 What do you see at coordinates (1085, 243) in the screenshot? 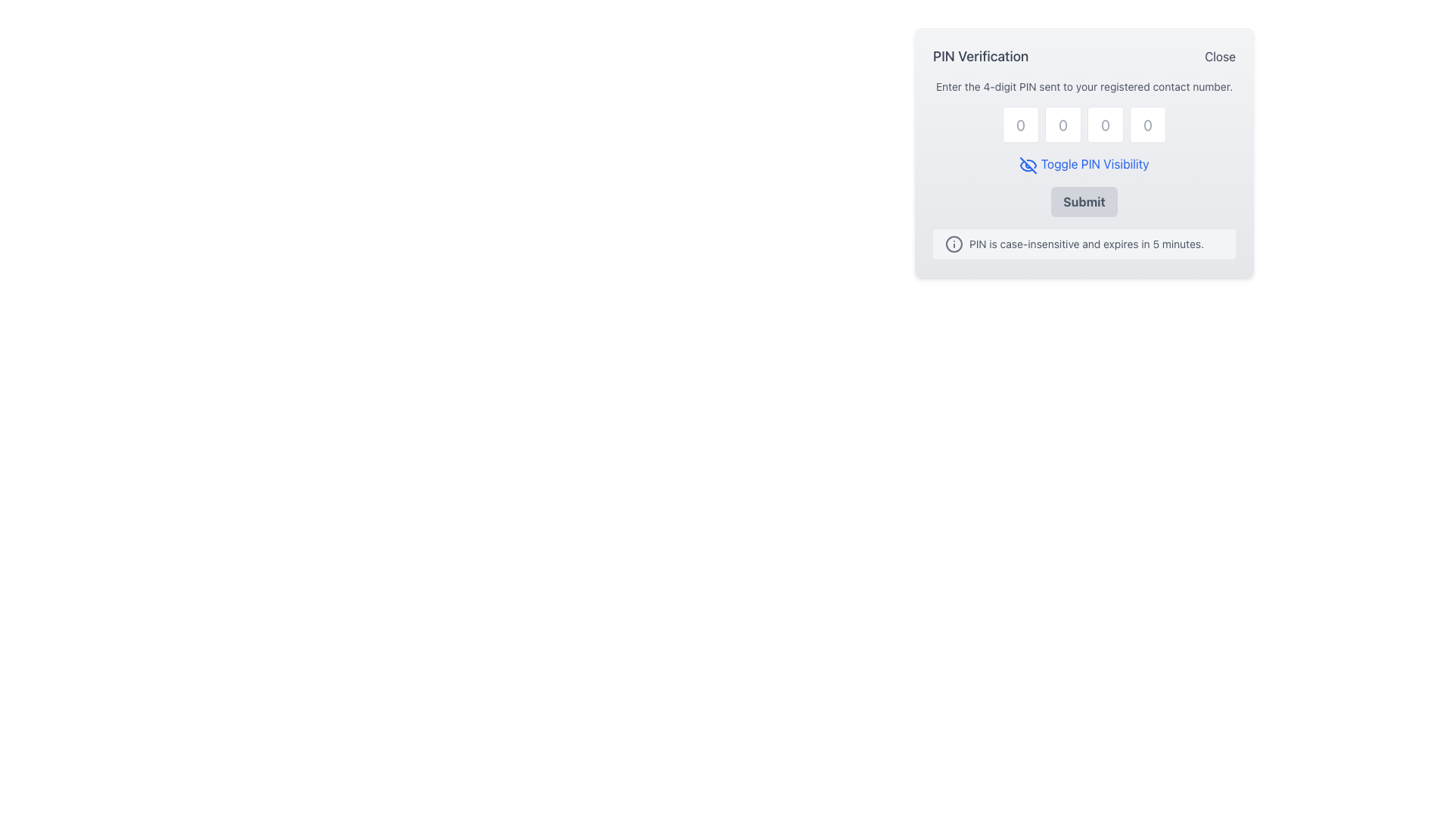
I see `the text element displaying the message 'PIN is case-insensitive and expires in 5 minutes.' located within the gray background of the 'PIN Verification' modal` at bounding box center [1085, 243].